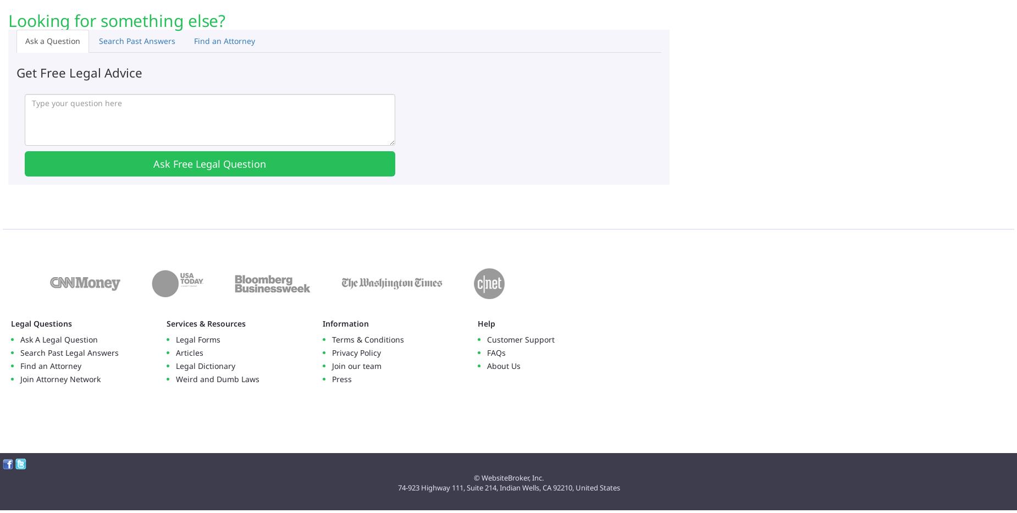 Image resolution: width=1017 pixels, height=513 pixels. Describe the element at coordinates (41, 323) in the screenshot. I see `'Legal Questions'` at that location.